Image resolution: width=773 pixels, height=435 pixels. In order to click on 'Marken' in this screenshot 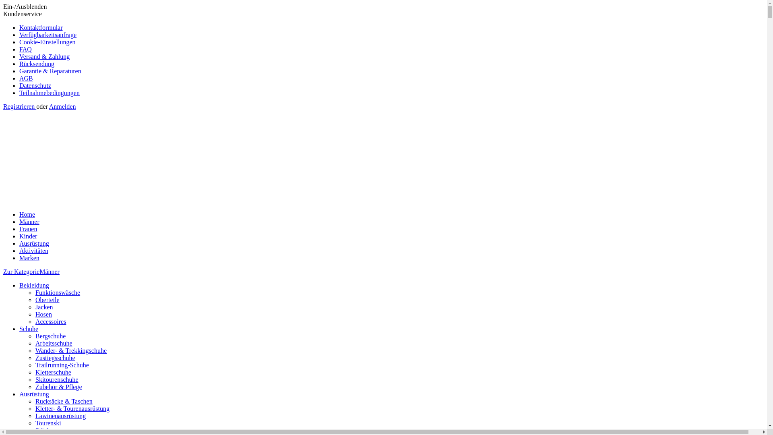, I will do `click(29, 258)`.